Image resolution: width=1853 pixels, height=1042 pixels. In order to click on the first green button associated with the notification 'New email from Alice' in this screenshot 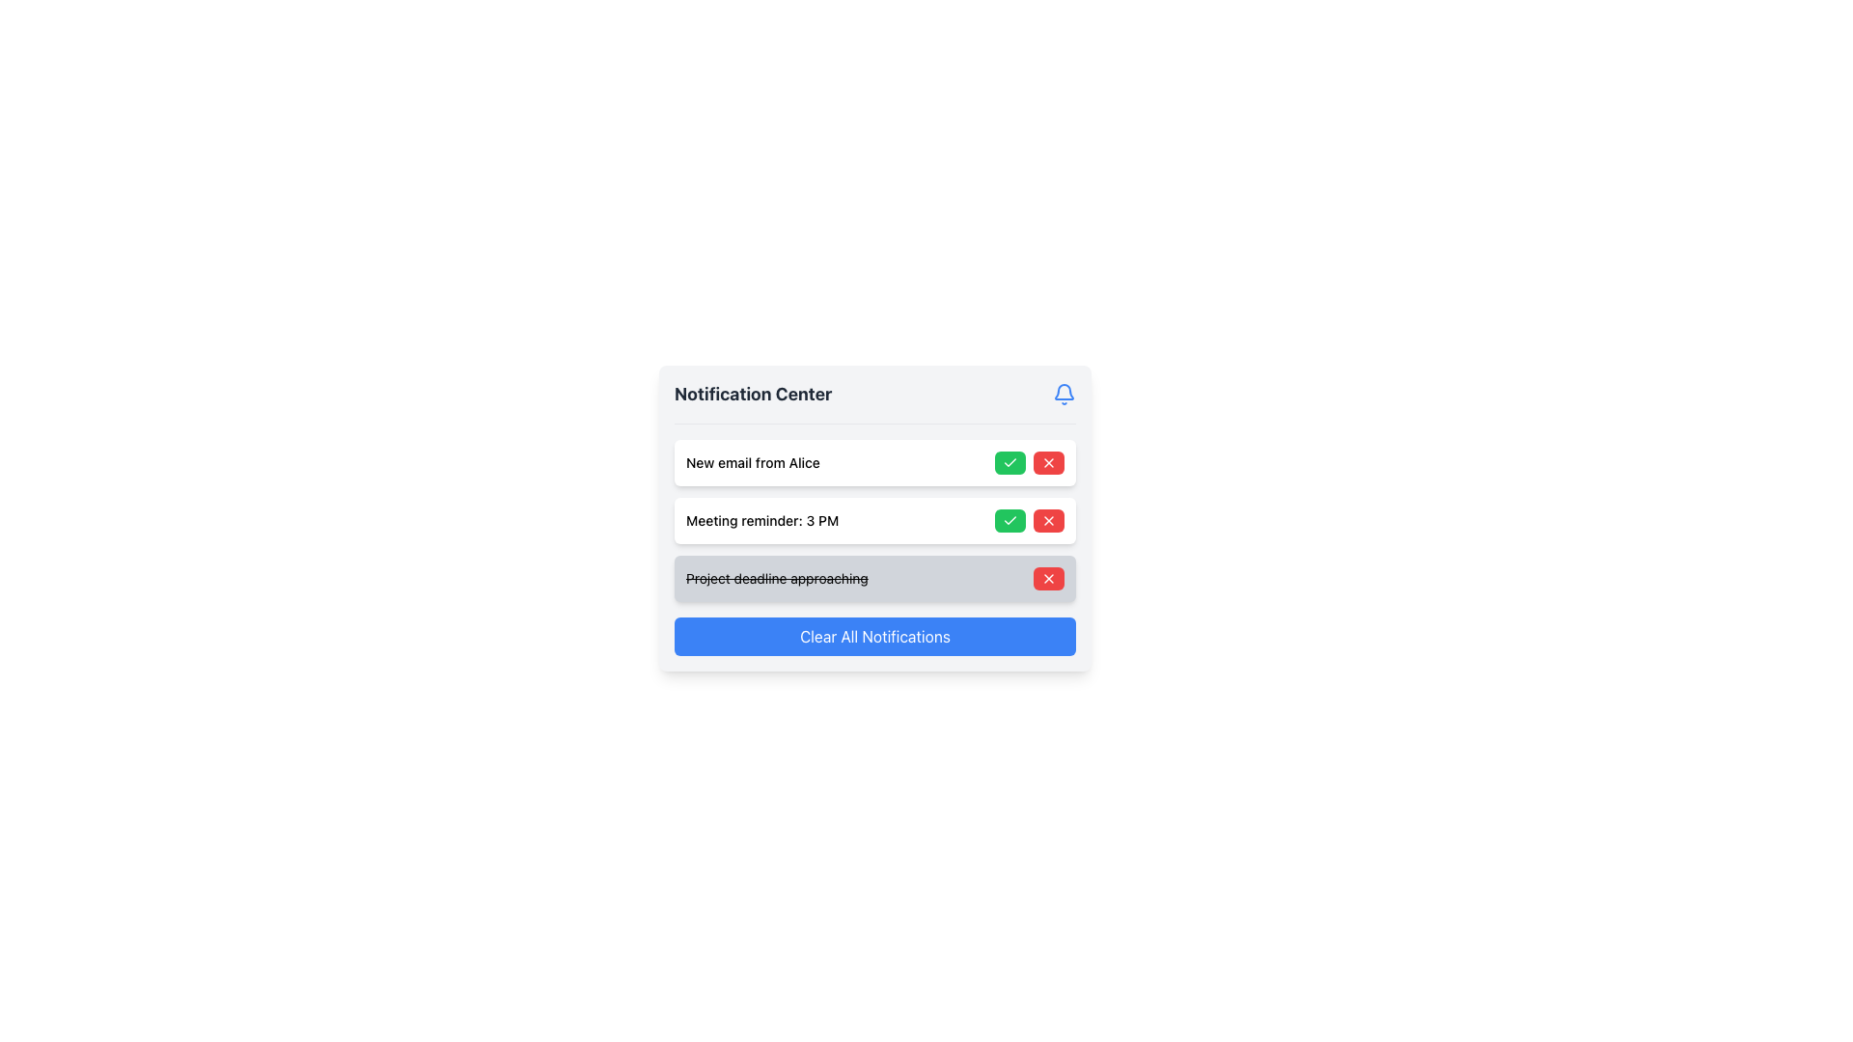, I will do `click(1009, 462)`.